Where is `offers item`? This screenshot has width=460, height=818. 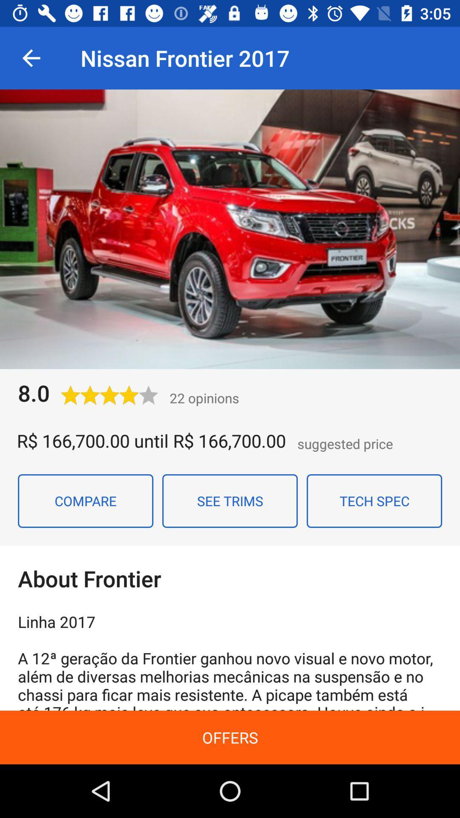 offers item is located at coordinates (230, 737).